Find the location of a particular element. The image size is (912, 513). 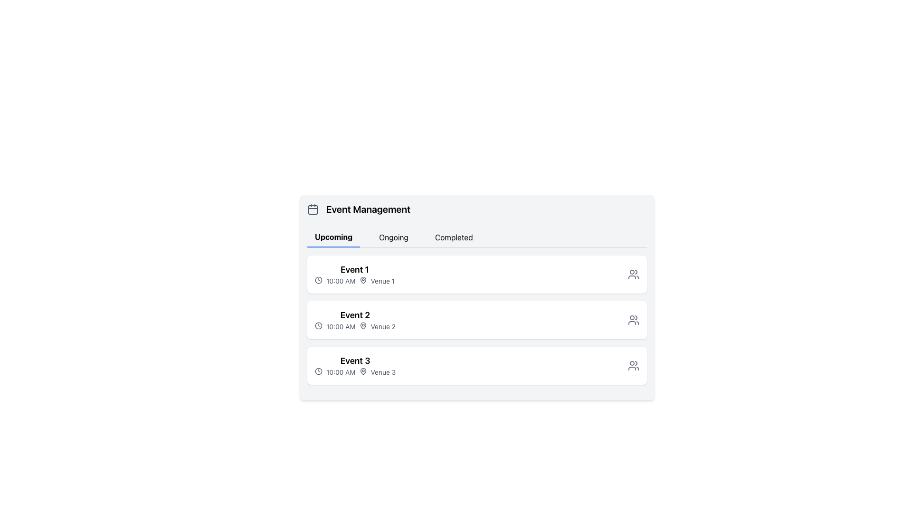

displayed time from the text label in the first row of the 'Upcoming' section, located between the clock icon and 'Venue 1' is located at coordinates (341, 280).